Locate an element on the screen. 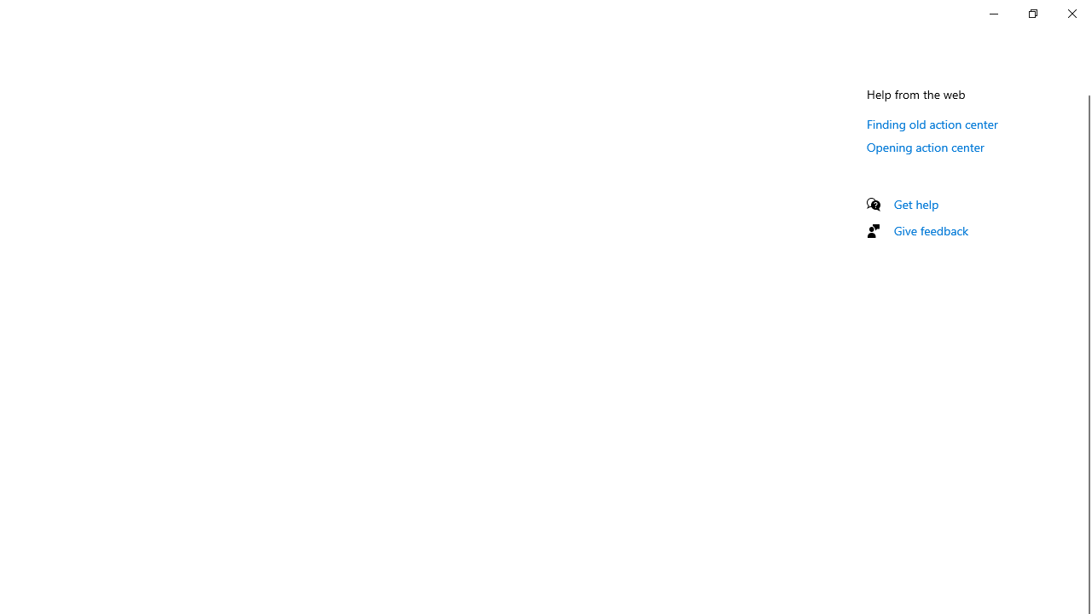 The image size is (1092, 614). 'Restore Settings' is located at coordinates (1031, 13).